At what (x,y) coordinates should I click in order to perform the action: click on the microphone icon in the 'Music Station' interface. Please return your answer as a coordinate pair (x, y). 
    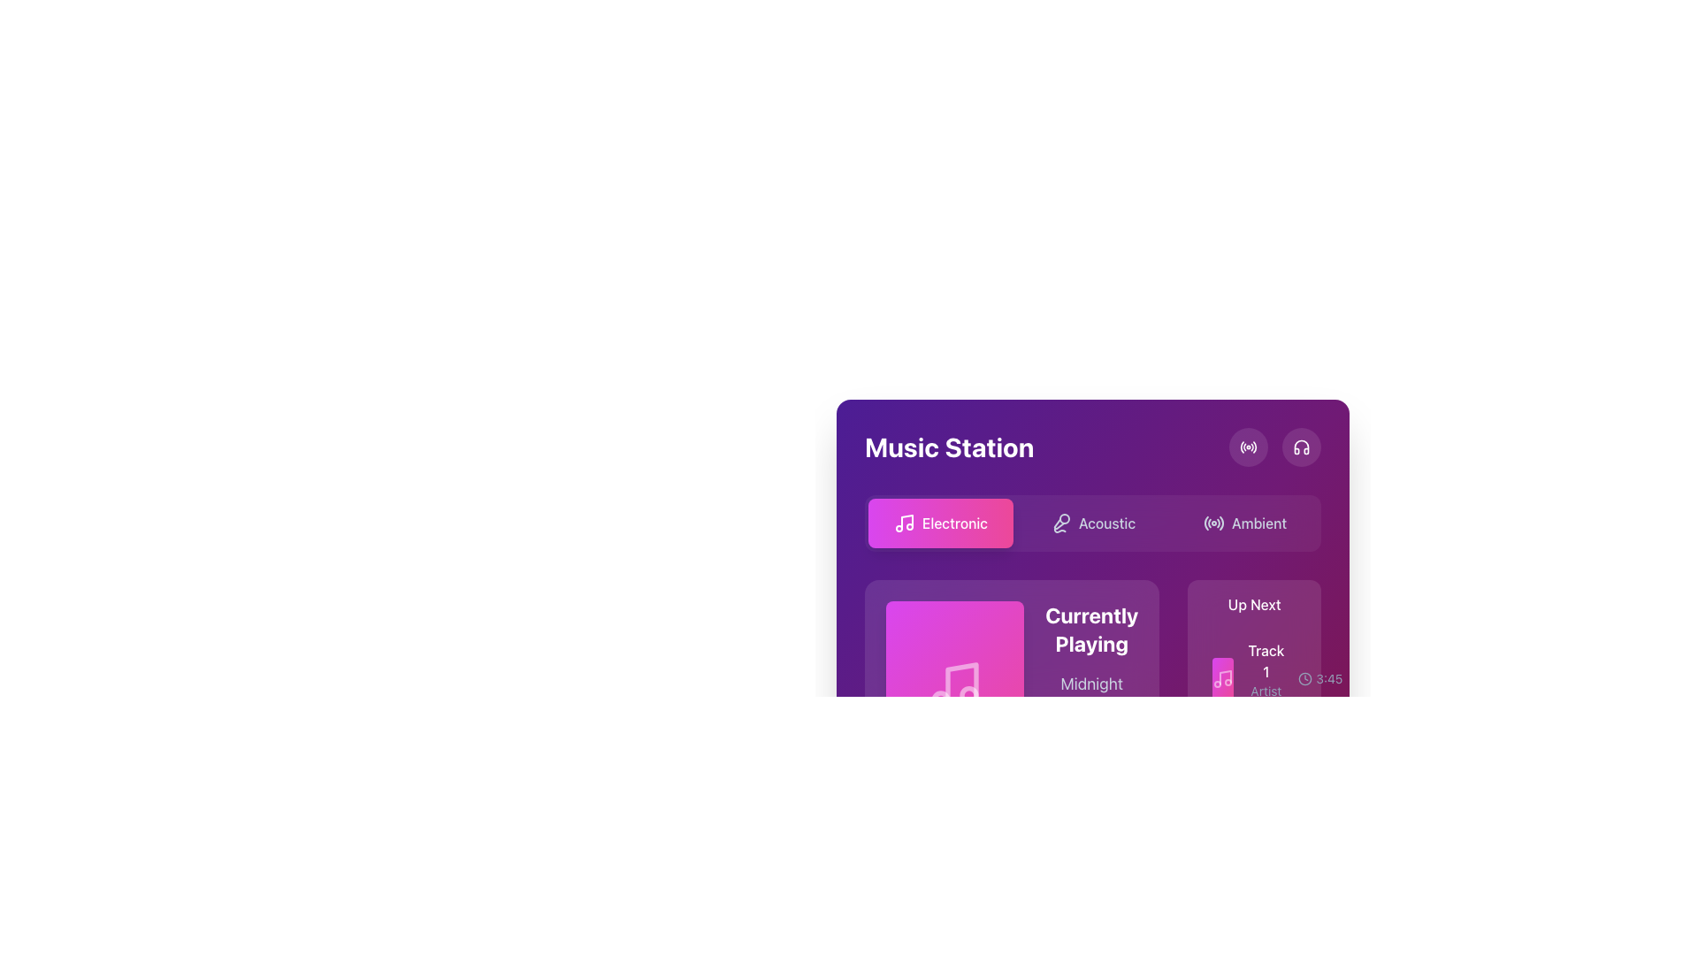
    Looking at the image, I should click on (1060, 522).